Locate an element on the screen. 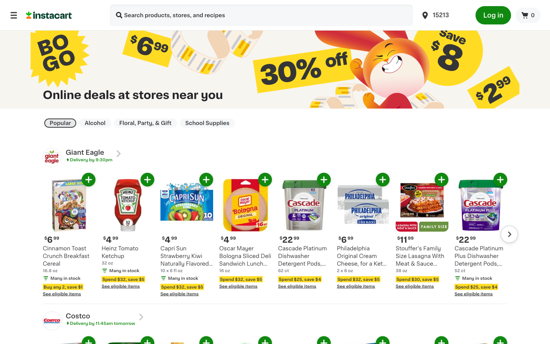  Browse the deals of popular products only is located at coordinates (60, 123).